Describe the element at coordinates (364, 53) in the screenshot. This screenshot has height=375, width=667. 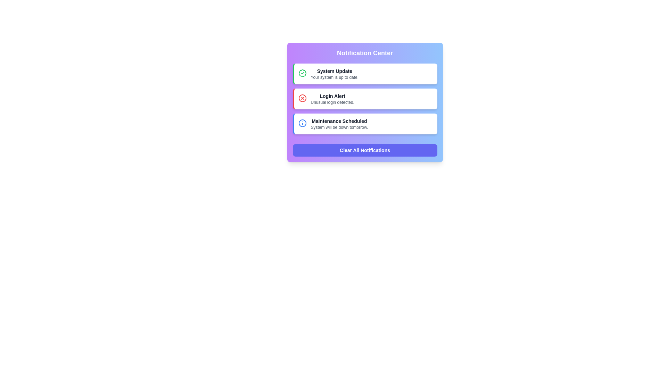
I see `the centrally aligned text-based heading at the top of the notification card, which serves as the title for the section` at that location.